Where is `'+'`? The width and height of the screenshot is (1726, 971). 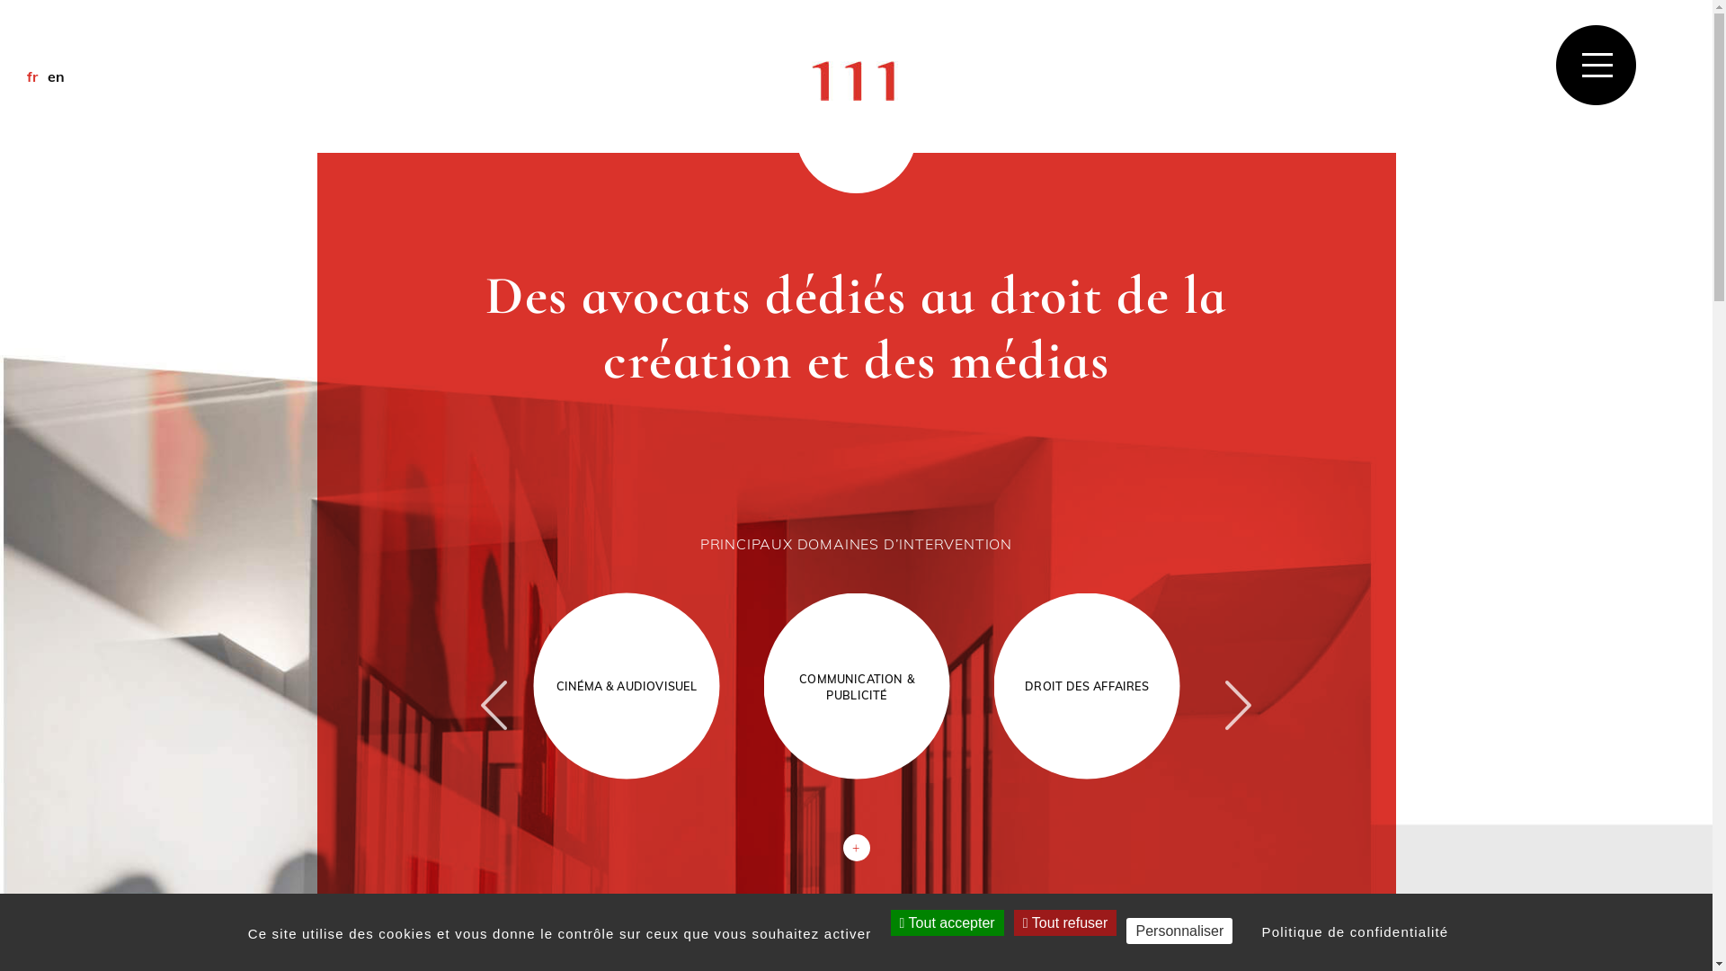
'+' is located at coordinates (856, 847).